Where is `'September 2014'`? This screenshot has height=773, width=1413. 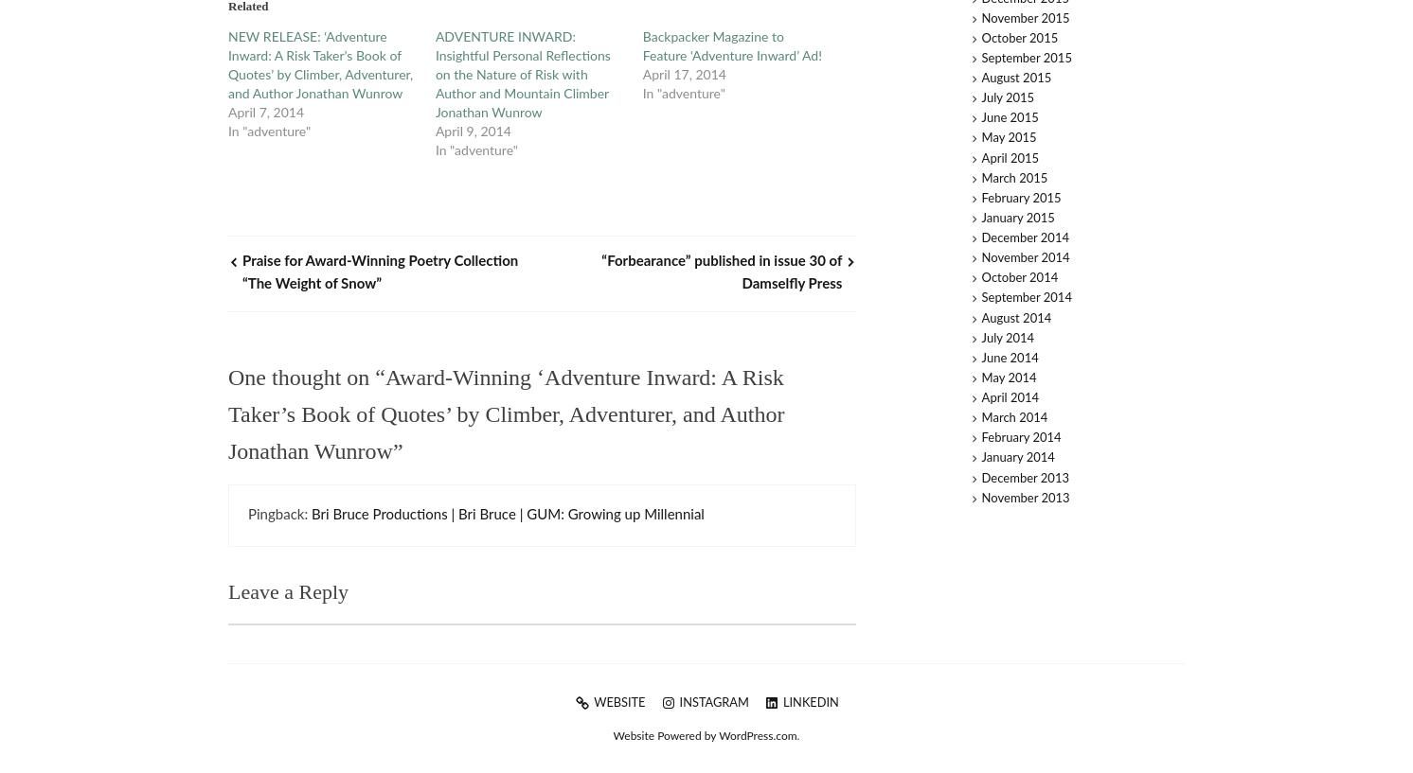 'September 2014' is located at coordinates (1026, 298).